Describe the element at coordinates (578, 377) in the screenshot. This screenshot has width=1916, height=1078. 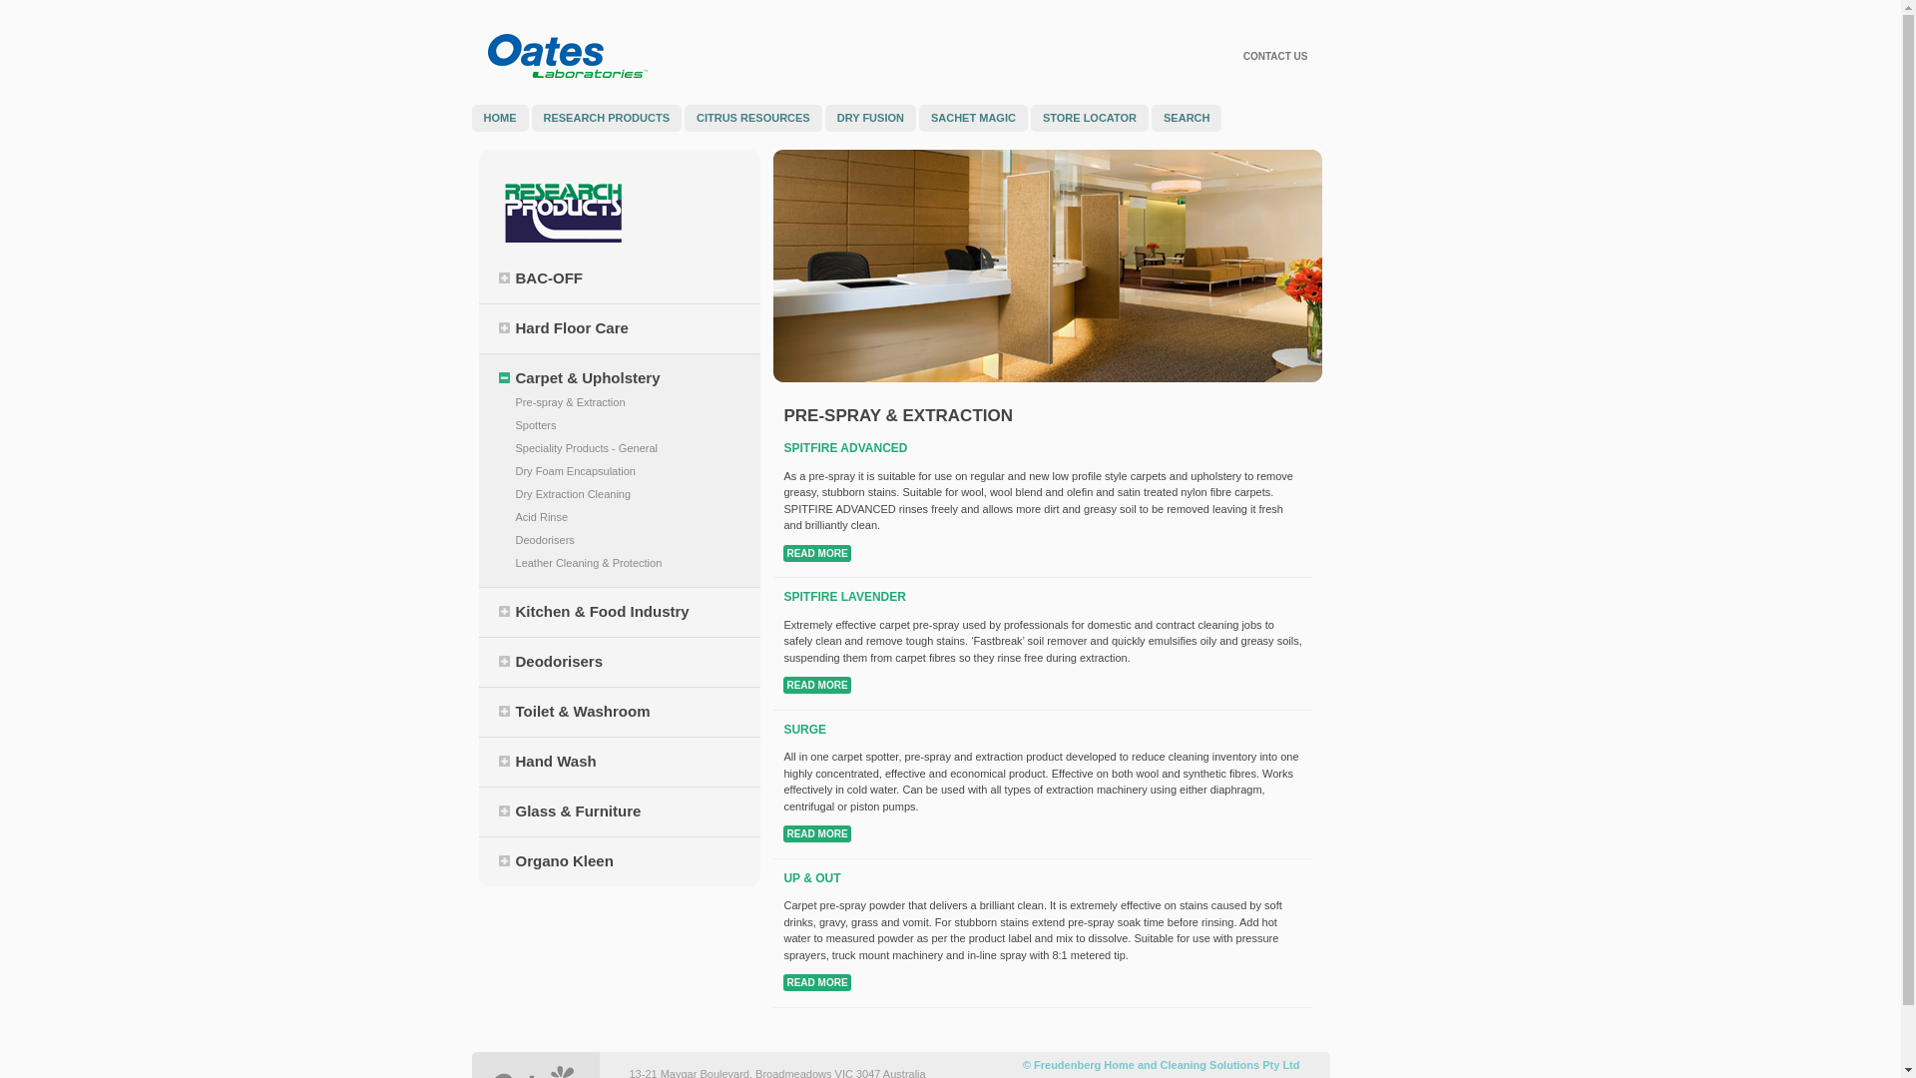
I see `'Carpet & Upholstery'` at that location.